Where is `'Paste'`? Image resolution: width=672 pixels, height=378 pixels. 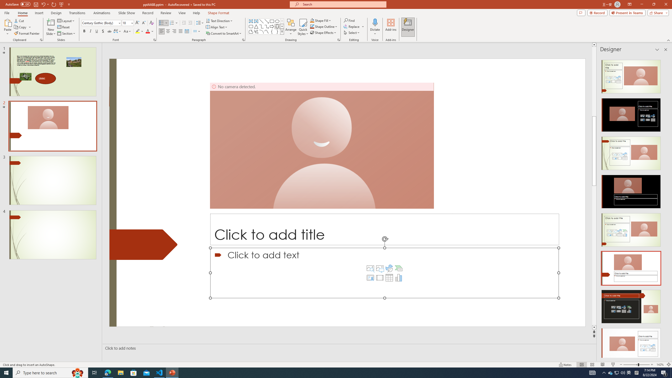 'Paste' is located at coordinates (7, 27).